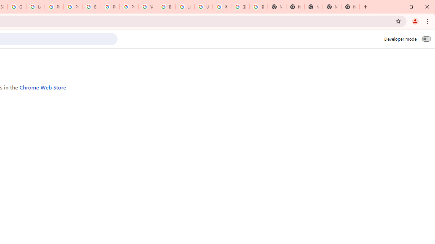 The image size is (435, 244). What do you see at coordinates (54, 7) in the screenshot?
I see `'Privacy Help Center - Policies Help'` at bounding box center [54, 7].